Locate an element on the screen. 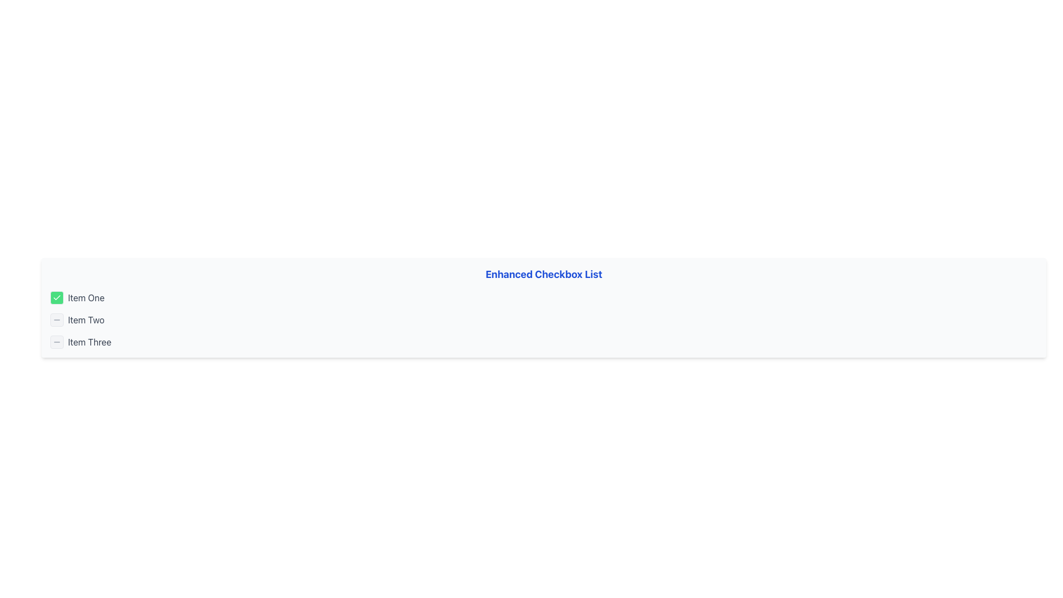 Image resolution: width=1063 pixels, height=598 pixels. the text label associated with the first item in the checklist, positioned immediately to the right of the green checkbox icon is located at coordinates (85, 297).